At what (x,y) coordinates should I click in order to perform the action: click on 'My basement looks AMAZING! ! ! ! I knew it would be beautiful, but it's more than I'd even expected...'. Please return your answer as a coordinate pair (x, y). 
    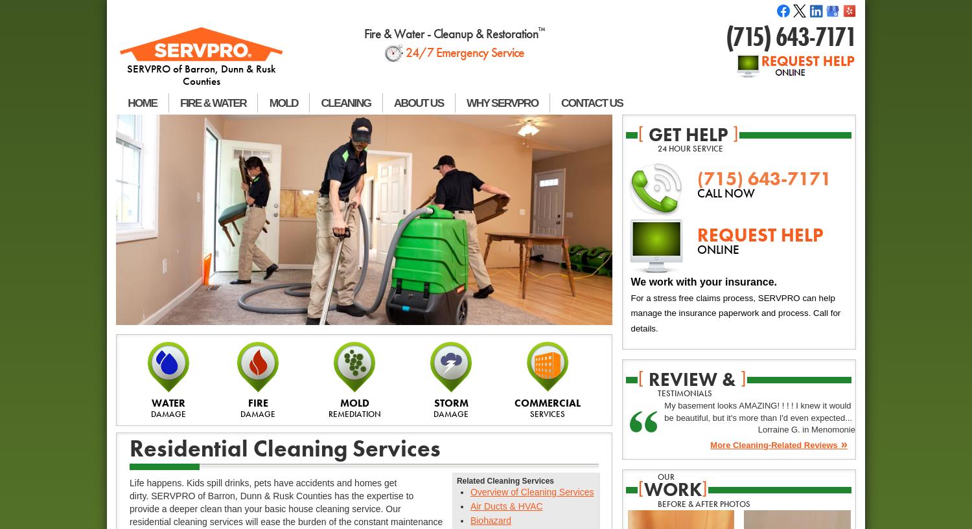
    Looking at the image, I should click on (758, 411).